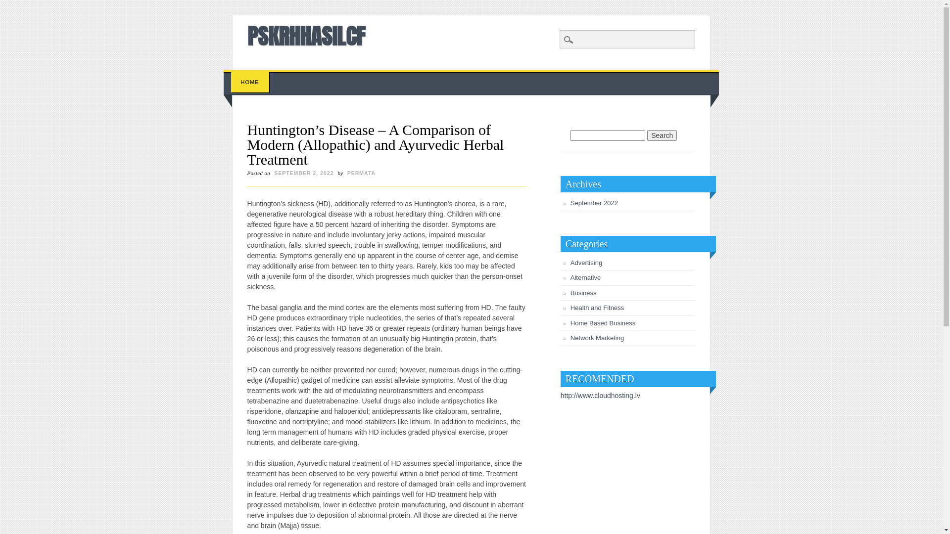 This screenshot has height=534, width=950. Describe the element at coordinates (250, 82) in the screenshot. I see `'HOME'` at that location.